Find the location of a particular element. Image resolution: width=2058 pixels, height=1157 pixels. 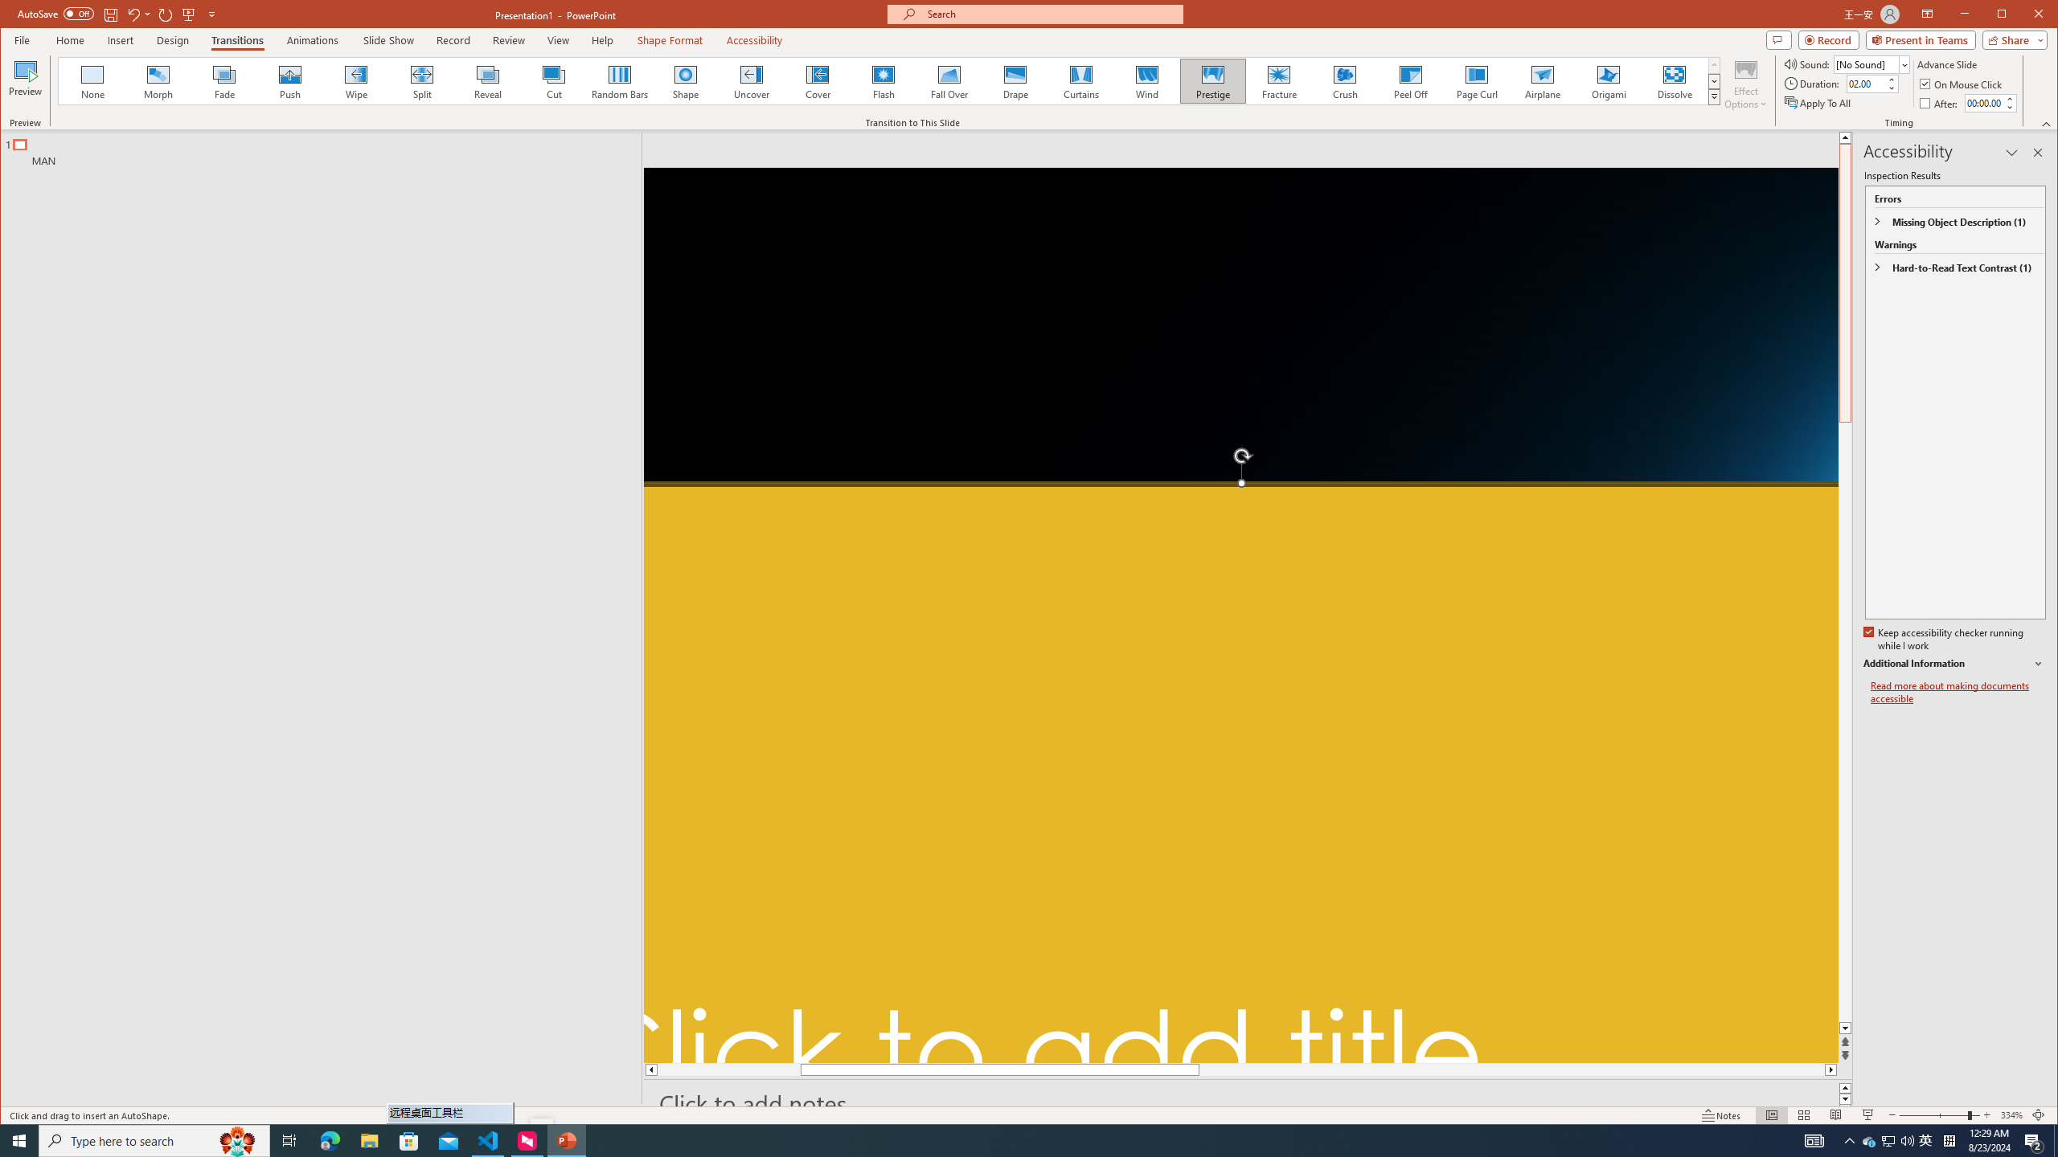

'AutoSave' is located at coordinates (55, 13).